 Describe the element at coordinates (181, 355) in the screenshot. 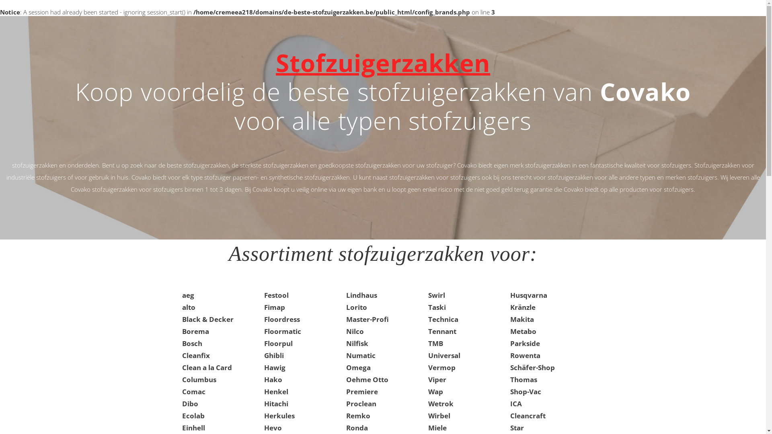

I see `'Cleanfix'` at that location.